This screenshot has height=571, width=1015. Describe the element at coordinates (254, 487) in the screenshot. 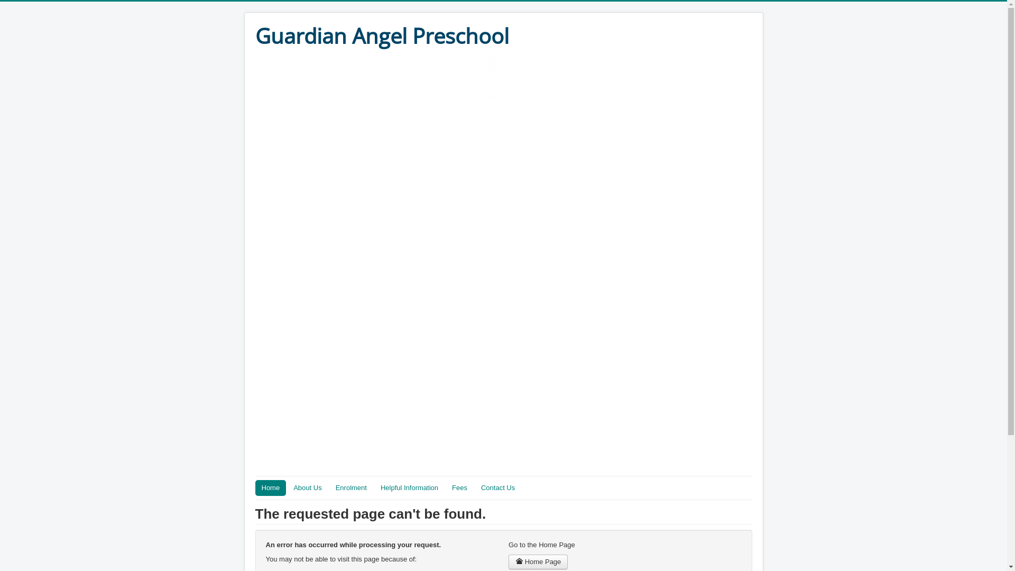

I see `'Home'` at that location.